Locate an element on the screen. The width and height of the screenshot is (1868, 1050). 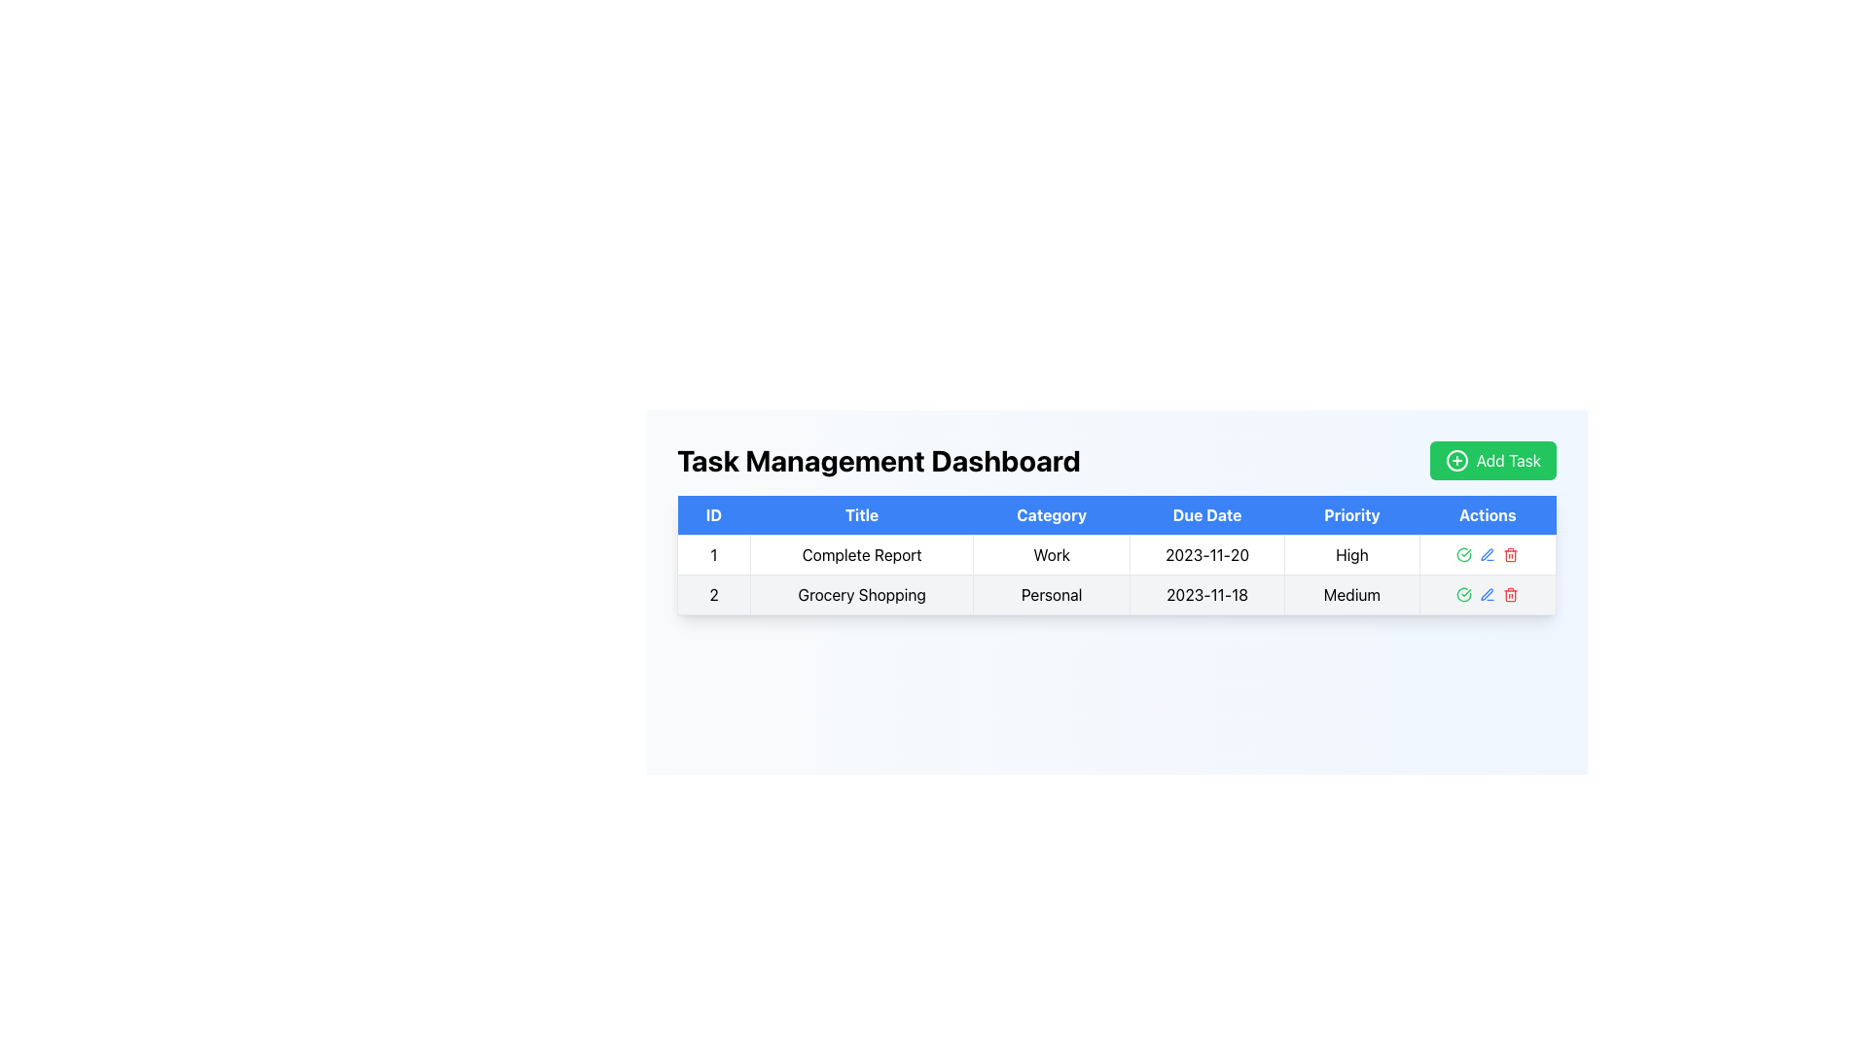
the bold text label displaying 'Task Management Dashboard' positioned above the 'Add Task' button is located at coordinates (878, 461).